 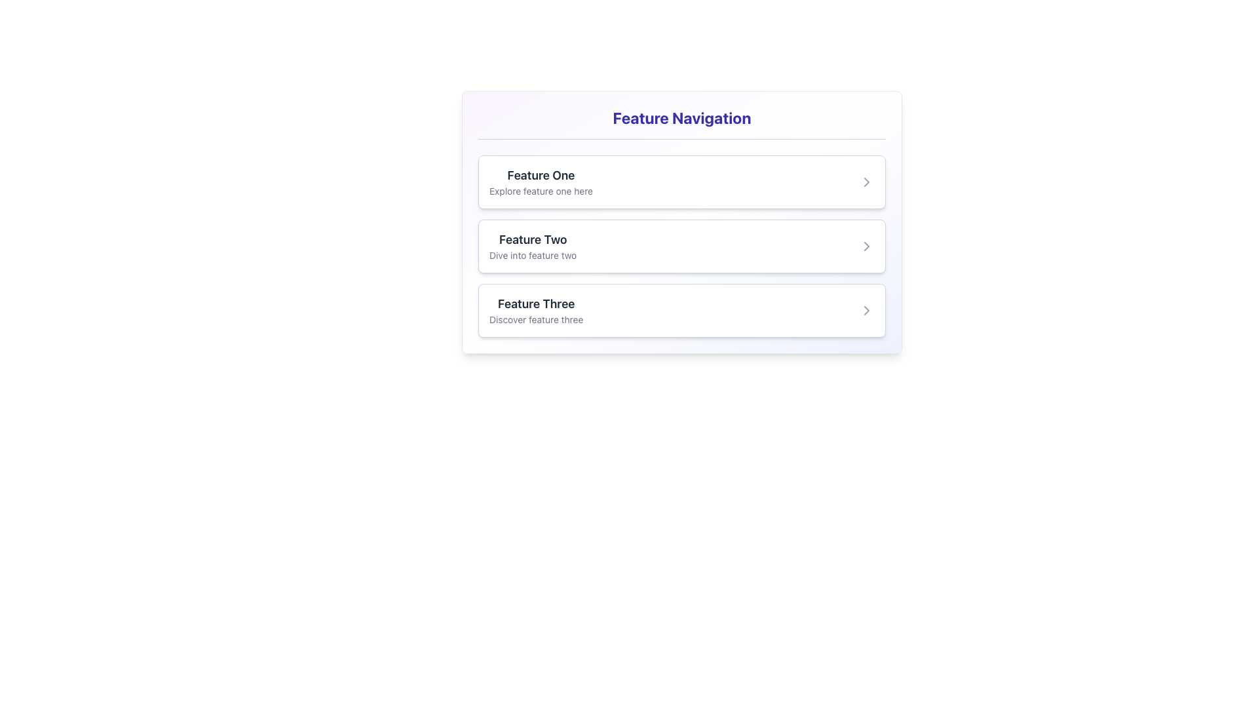 I want to click on the text display that introduces and describes a feature, which is located within the first card of a vertical list under the 'Feature Navigation' section, so click(x=541, y=182).